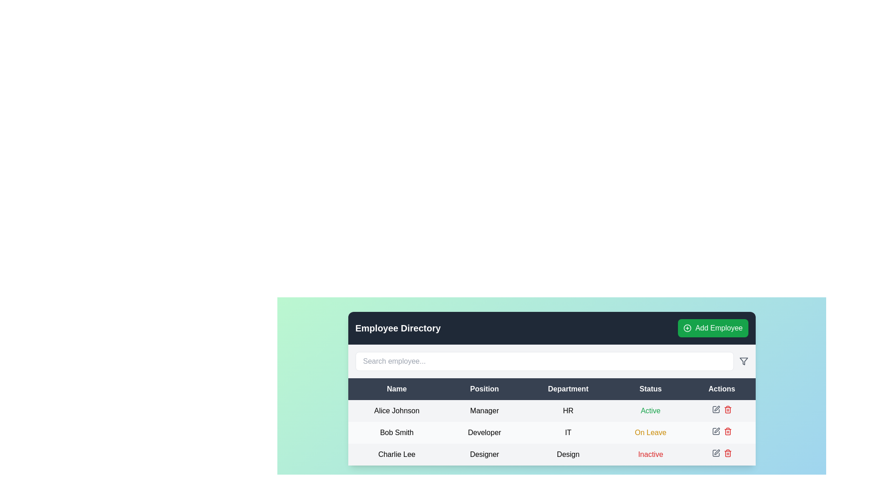 Image resolution: width=873 pixels, height=491 pixels. I want to click on the 'Status' text label, which is styled with a dark background and white text, located in the header row of a table-like UI, so click(650, 389).